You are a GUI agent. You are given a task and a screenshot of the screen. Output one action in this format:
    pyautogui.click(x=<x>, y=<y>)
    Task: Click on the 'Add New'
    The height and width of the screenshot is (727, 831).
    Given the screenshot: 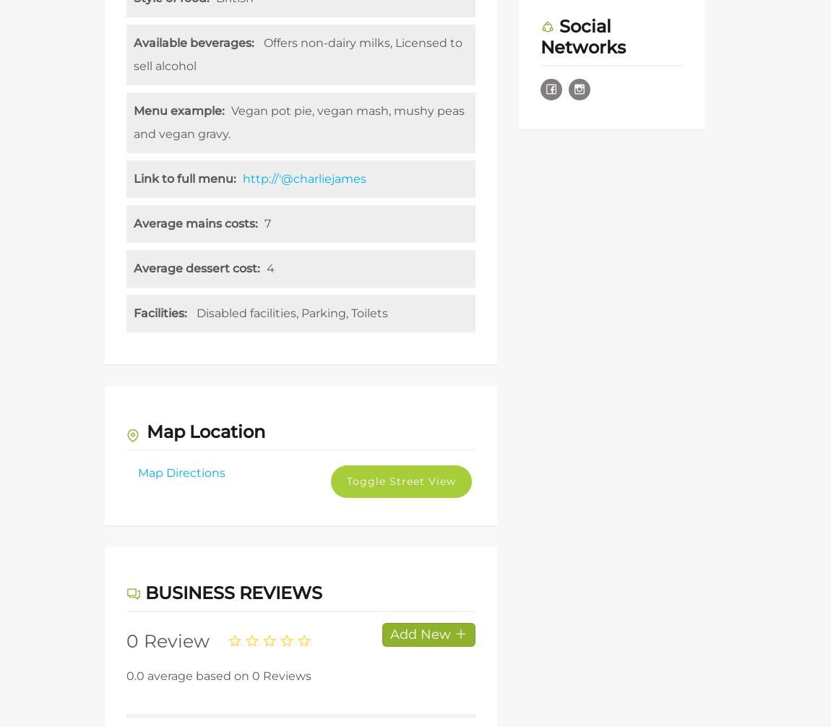 What is the action you would take?
    pyautogui.click(x=421, y=634)
    